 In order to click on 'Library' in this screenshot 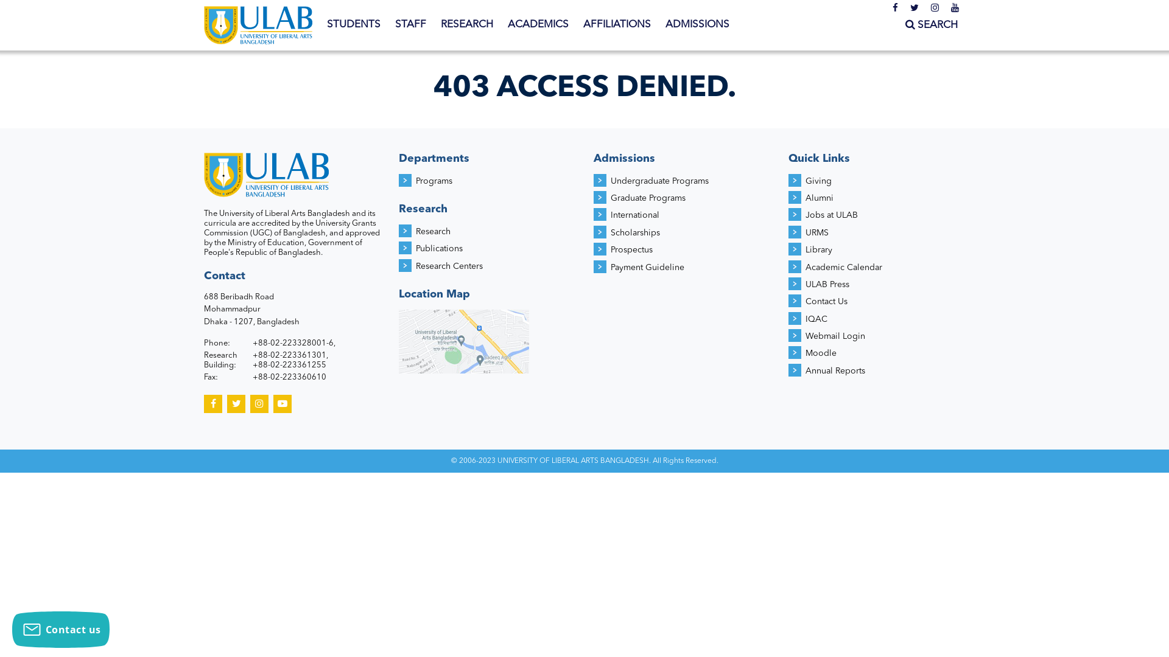, I will do `click(818, 249)`.